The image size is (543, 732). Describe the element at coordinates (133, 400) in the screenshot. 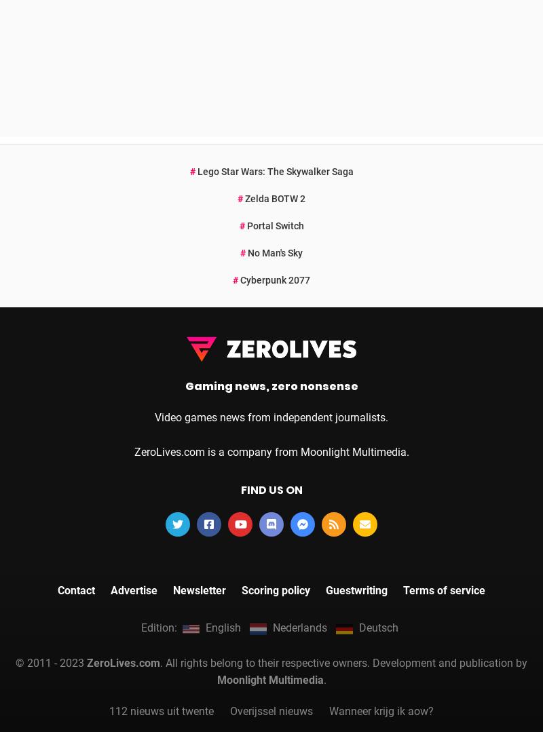

I see `'Advertise'` at that location.